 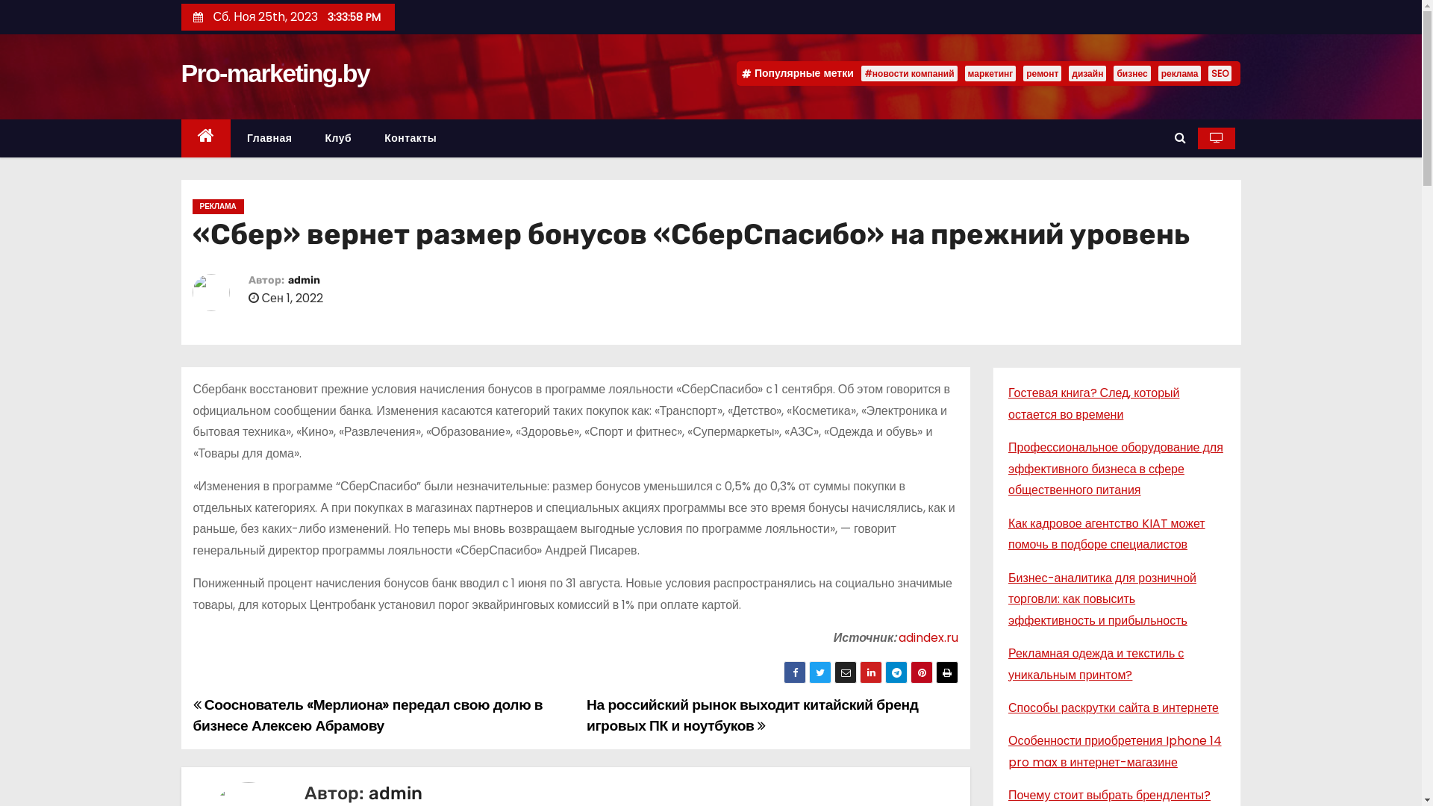 What do you see at coordinates (205, 138) in the screenshot?
I see `'Home'` at bounding box center [205, 138].